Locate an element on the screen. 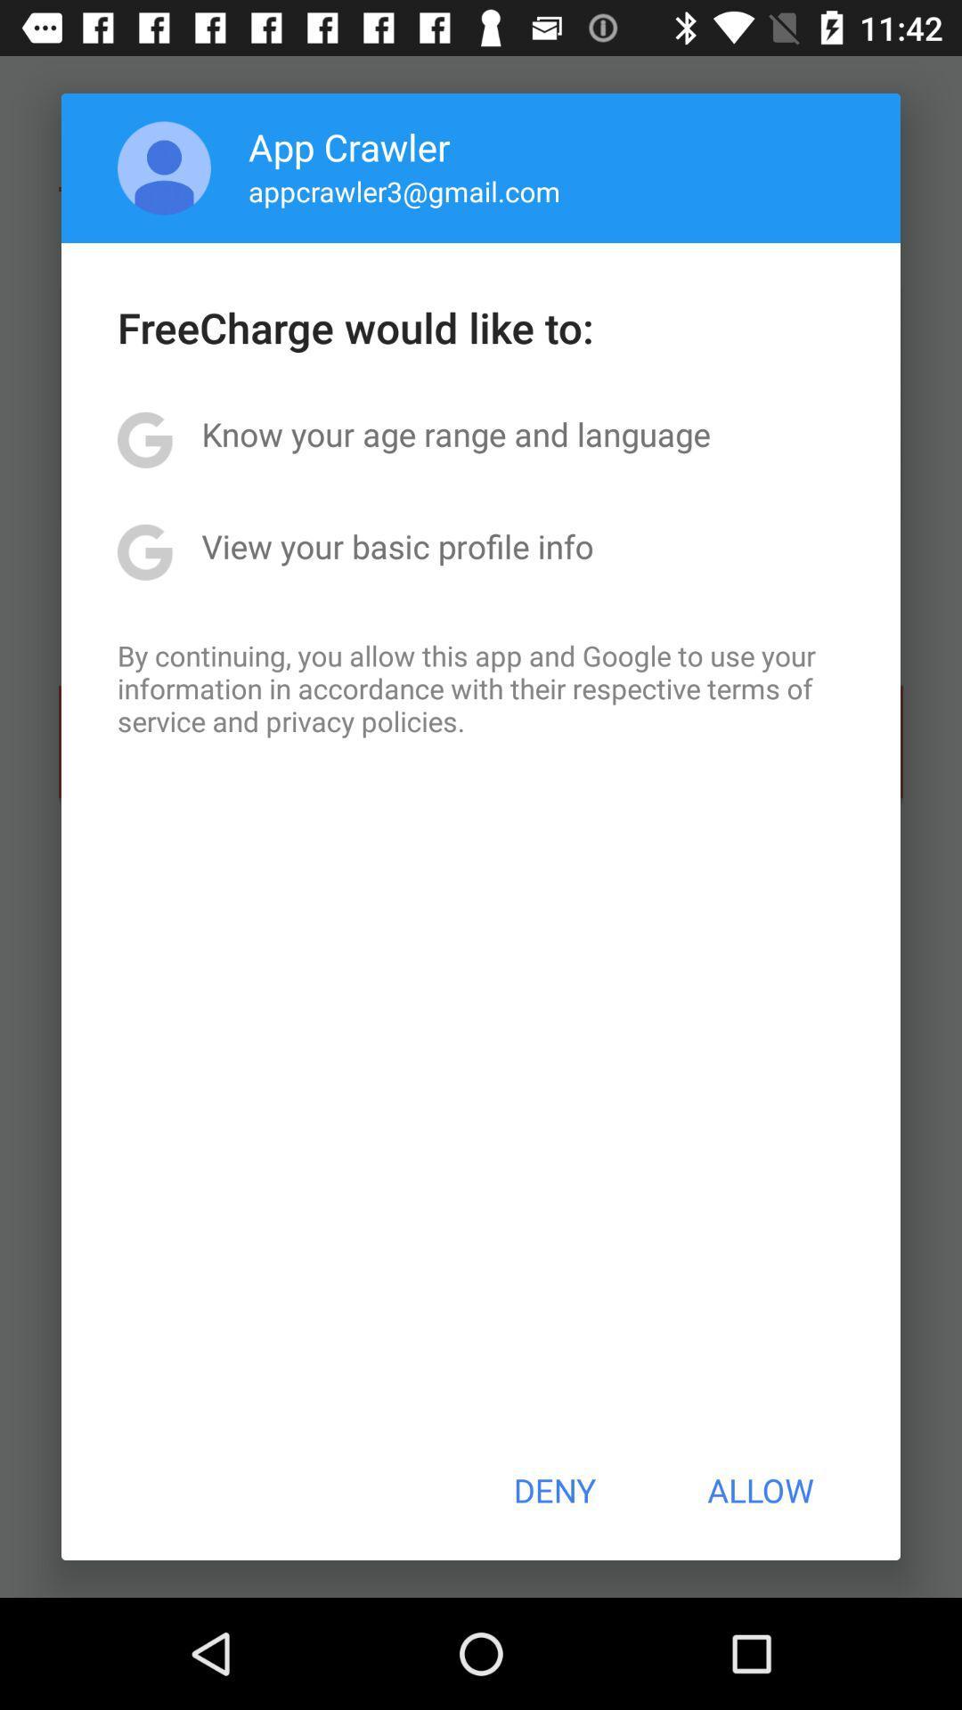 This screenshot has height=1710, width=962. app below by continuing you app is located at coordinates (553, 1490).